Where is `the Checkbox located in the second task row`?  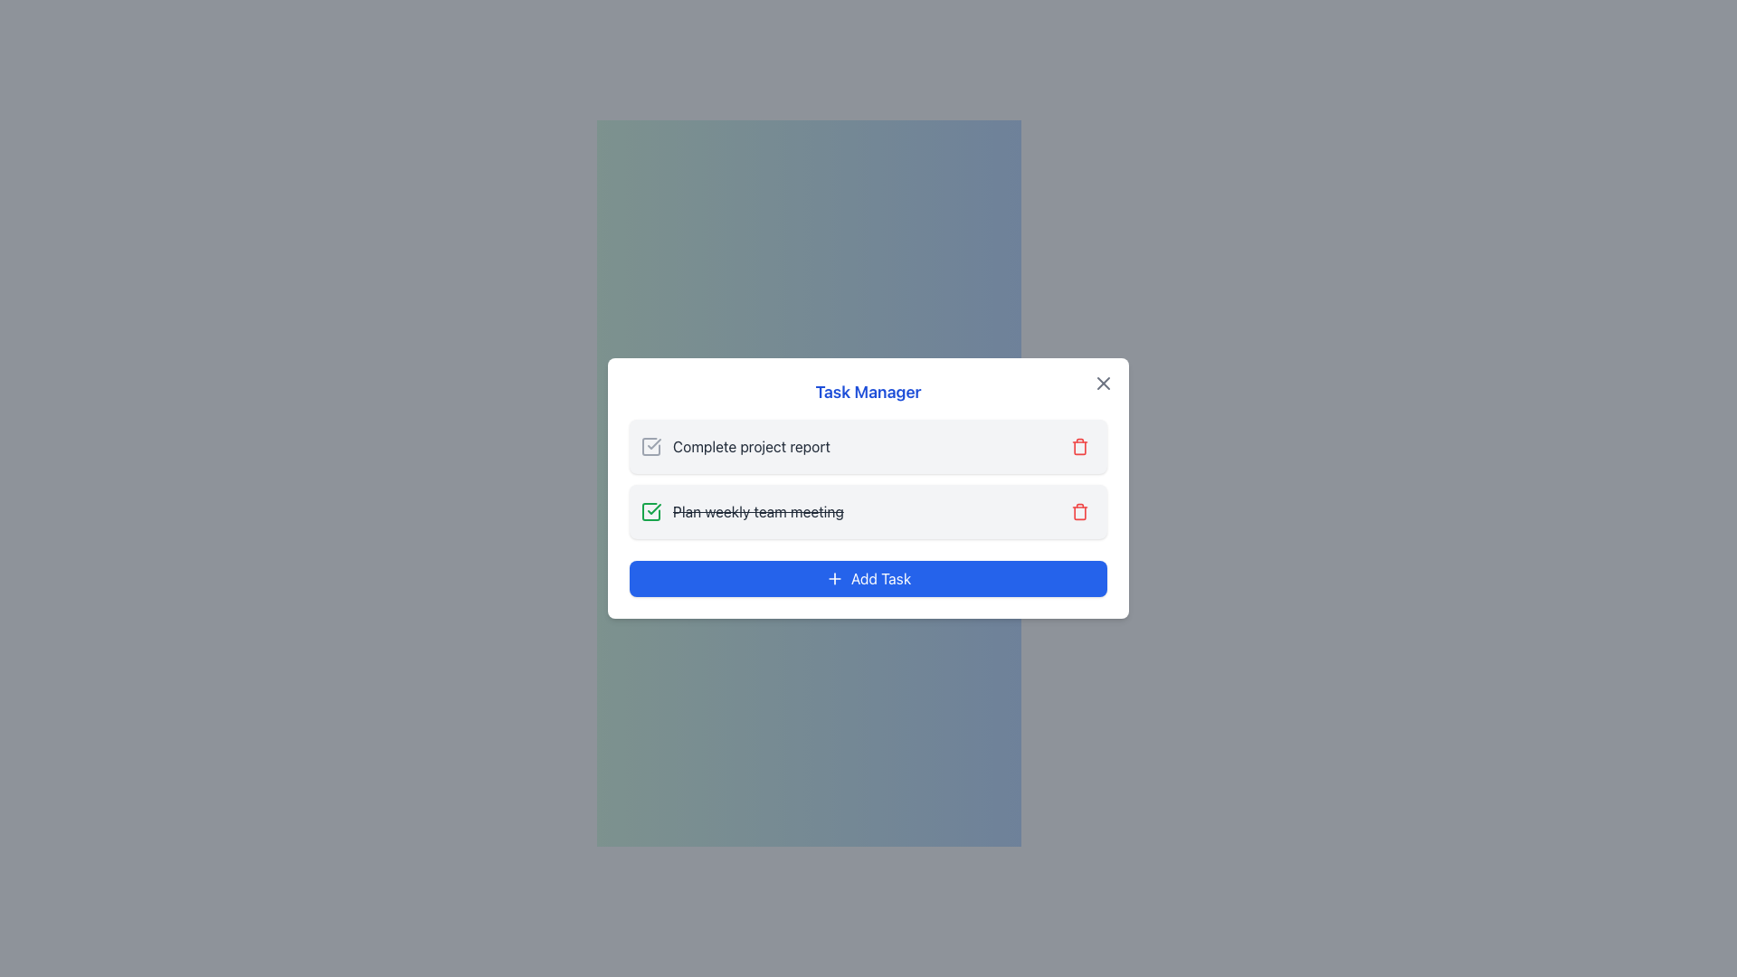
the Checkbox located in the second task row is located at coordinates (651, 512).